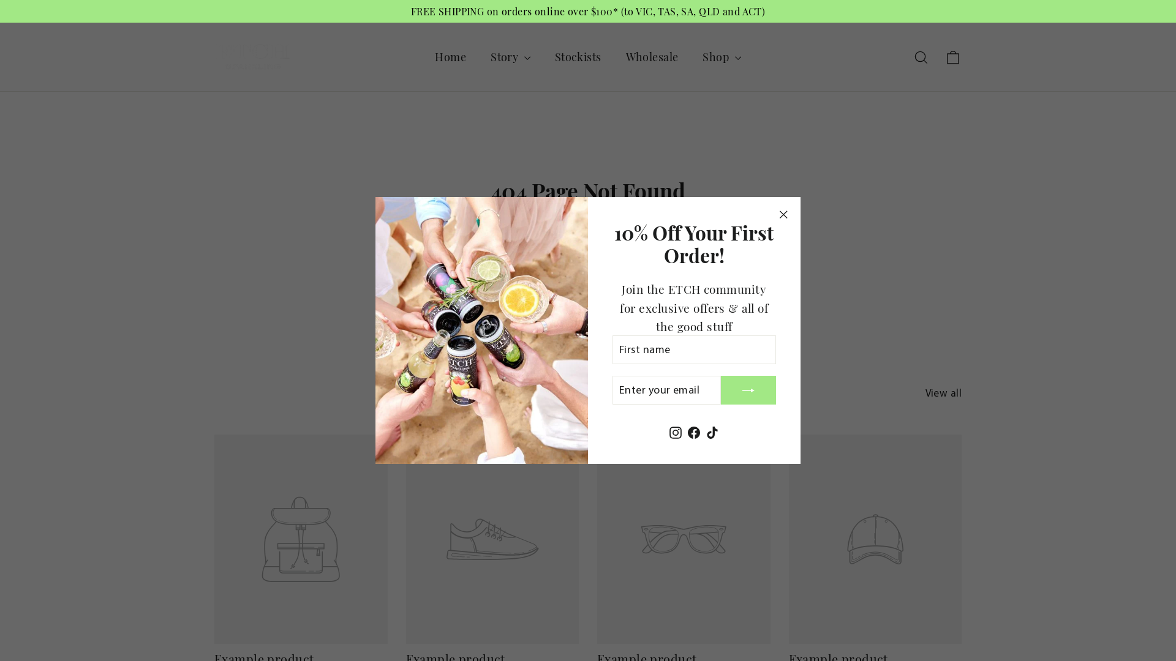 The height and width of the screenshot is (661, 1176). What do you see at coordinates (783, 214) in the screenshot?
I see `'"Close (esc)"'` at bounding box center [783, 214].